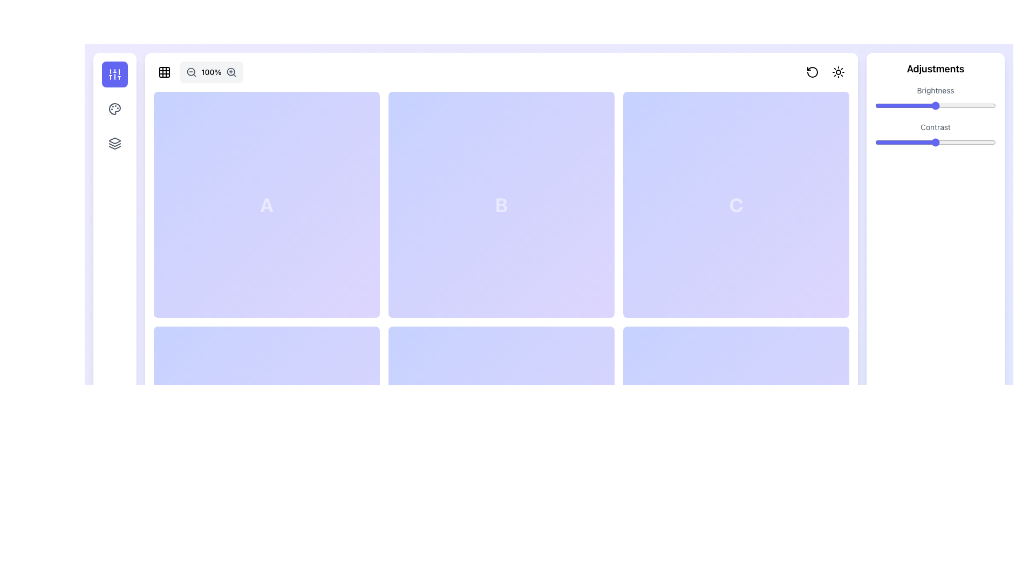 The height and width of the screenshot is (583, 1036). Describe the element at coordinates (880, 141) in the screenshot. I see `the contrast` at that location.